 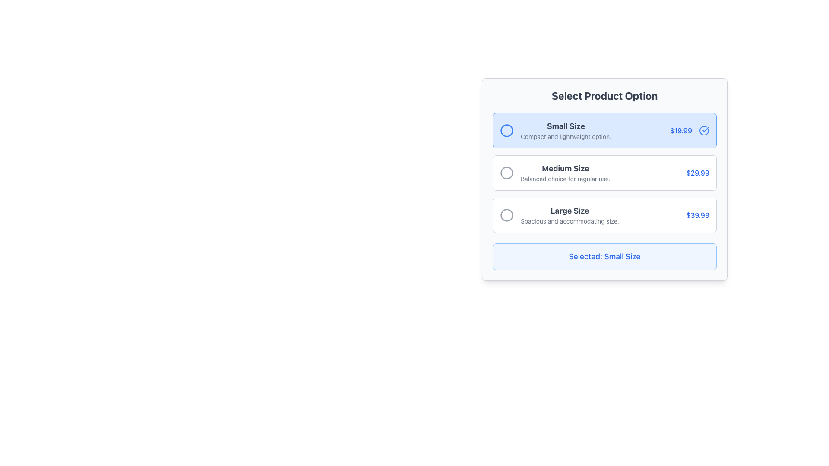 I want to click on the 'Medium Size' option title text label in the selection card, which is positioned above the description 'Balanced choice for regular use.' and next to the price '$29.99', so click(x=565, y=168).